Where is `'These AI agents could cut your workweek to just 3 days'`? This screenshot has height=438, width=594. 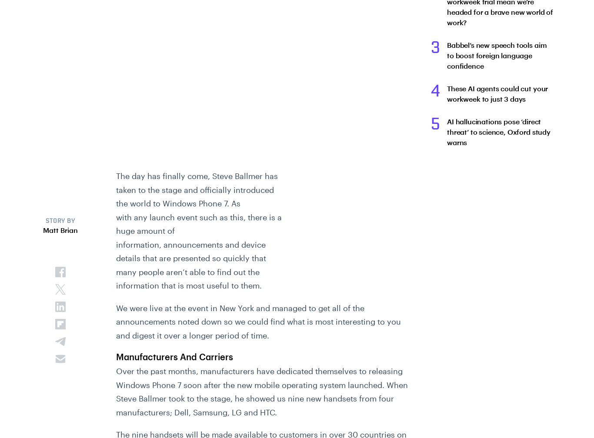
'These AI agents could cut your workweek to just 3 days' is located at coordinates (497, 93).